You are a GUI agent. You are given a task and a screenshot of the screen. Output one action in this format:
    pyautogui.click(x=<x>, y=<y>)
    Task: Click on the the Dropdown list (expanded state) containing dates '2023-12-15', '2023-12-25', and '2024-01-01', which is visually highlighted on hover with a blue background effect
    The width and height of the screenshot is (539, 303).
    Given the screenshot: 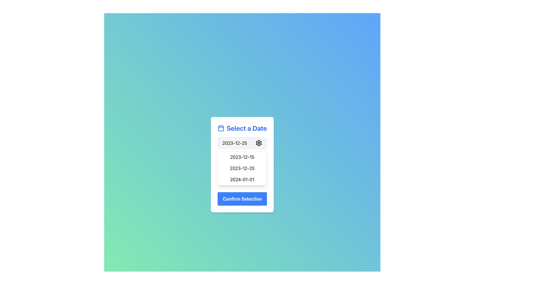 What is the action you would take?
    pyautogui.click(x=242, y=168)
    